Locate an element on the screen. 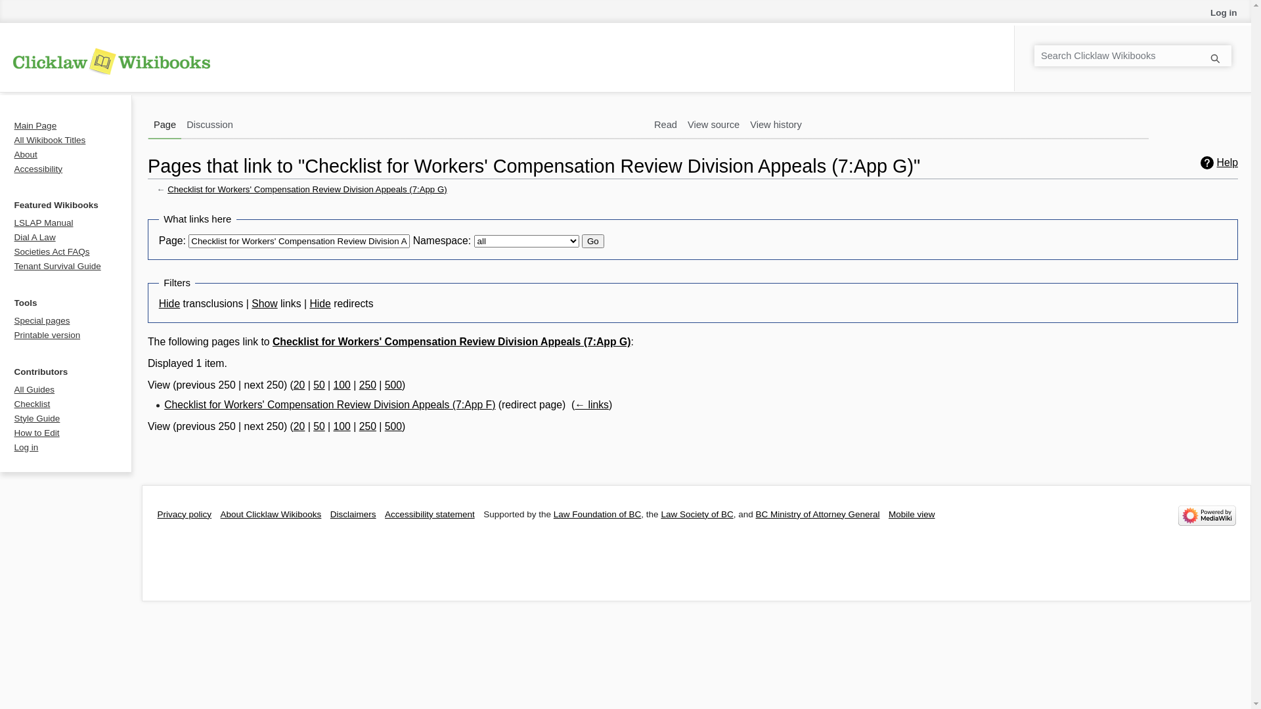  'Accessibility statement' is located at coordinates (430, 513).